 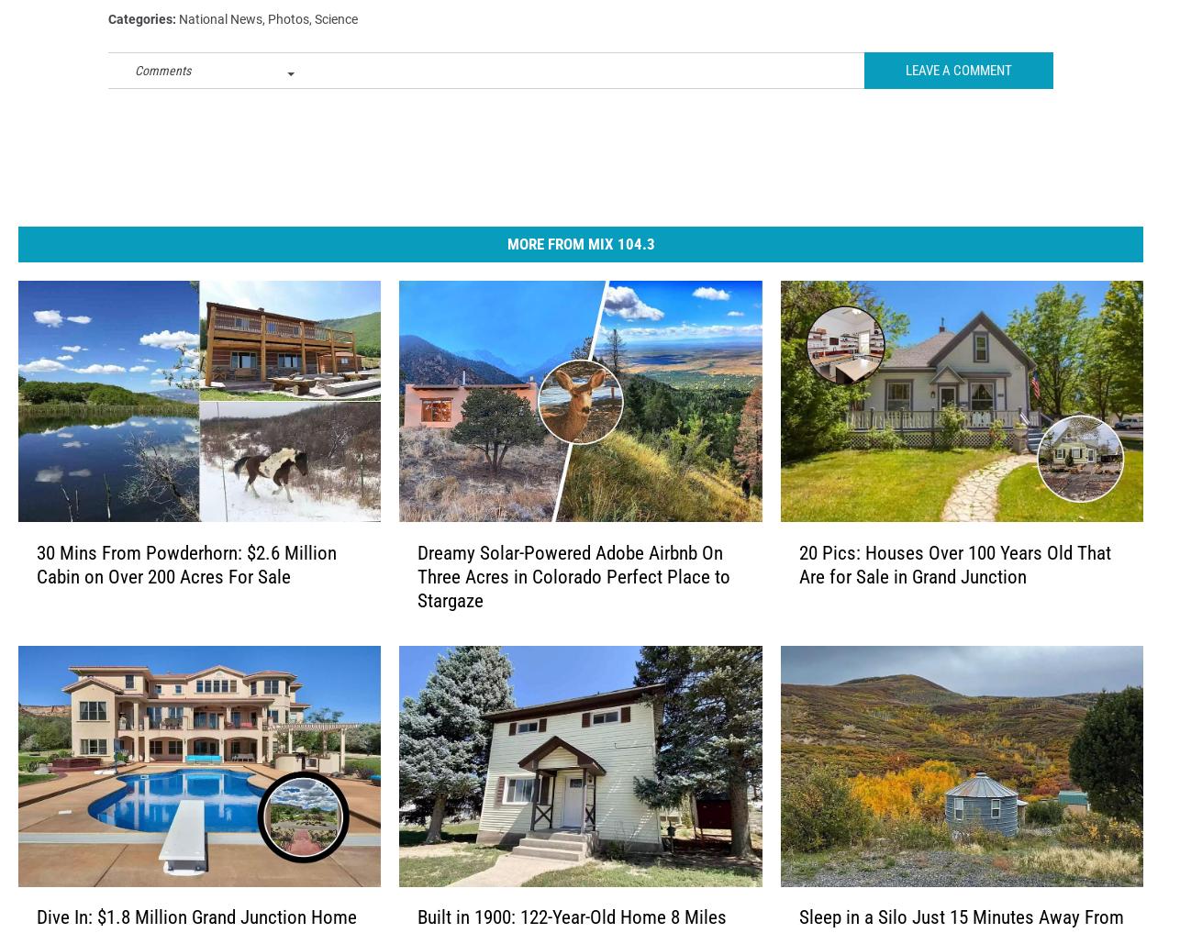 I want to click on 'Dreamy Solar-Powered Adobe Airbnb On Three Acres in Colorado Perfect Place to Stargaze', so click(x=573, y=605).